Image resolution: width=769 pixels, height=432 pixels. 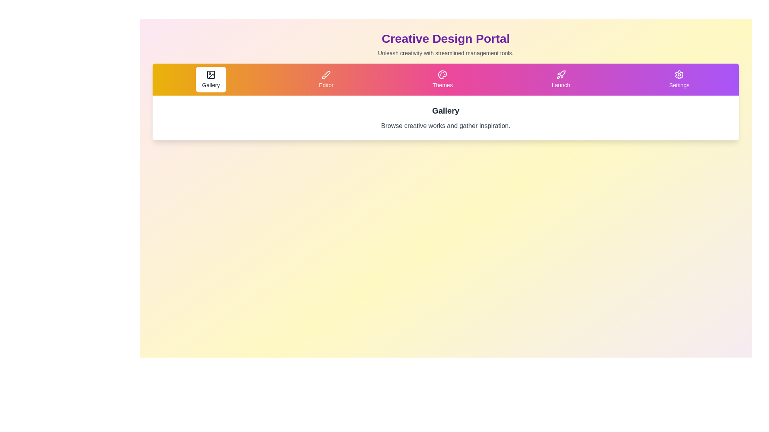 What do you see at coordinates (211, 80) in the screenshot?
I see `the 'Gallery' button, which has a white background and an icon with the label beneath it` at bounding box center [211, 80].